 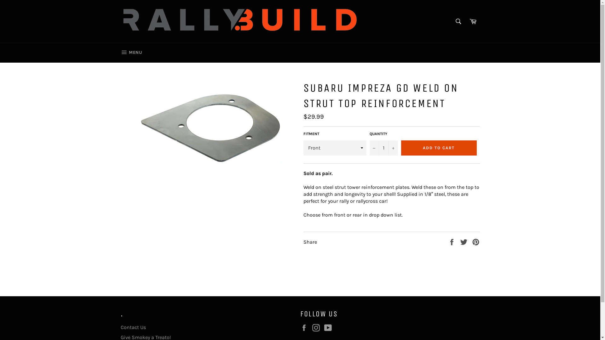 What do you see at coordinates (458, 21) in the screenshot?
I see `'Search'` at bounding box center [458, 21].